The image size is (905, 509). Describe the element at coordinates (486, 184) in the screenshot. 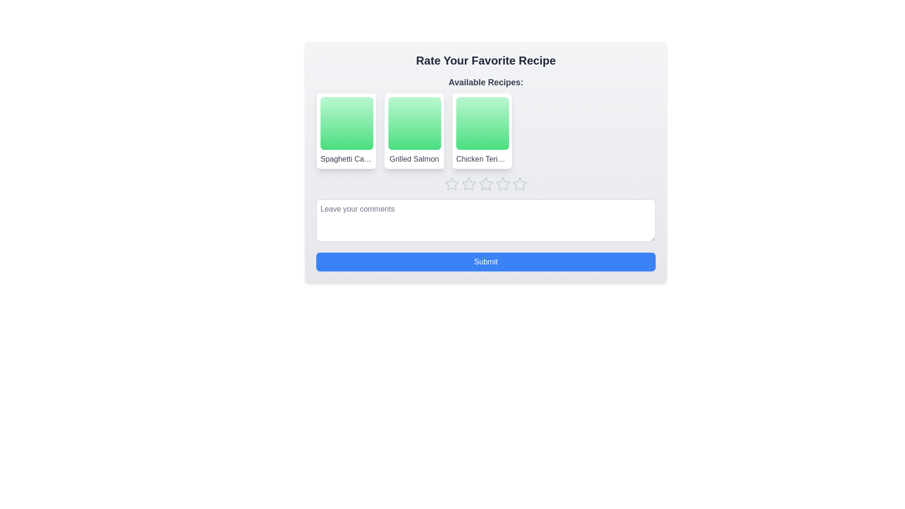

I see `the star rating component located below the title 'Available Recipes' to set the rating for the recipe` at that location.